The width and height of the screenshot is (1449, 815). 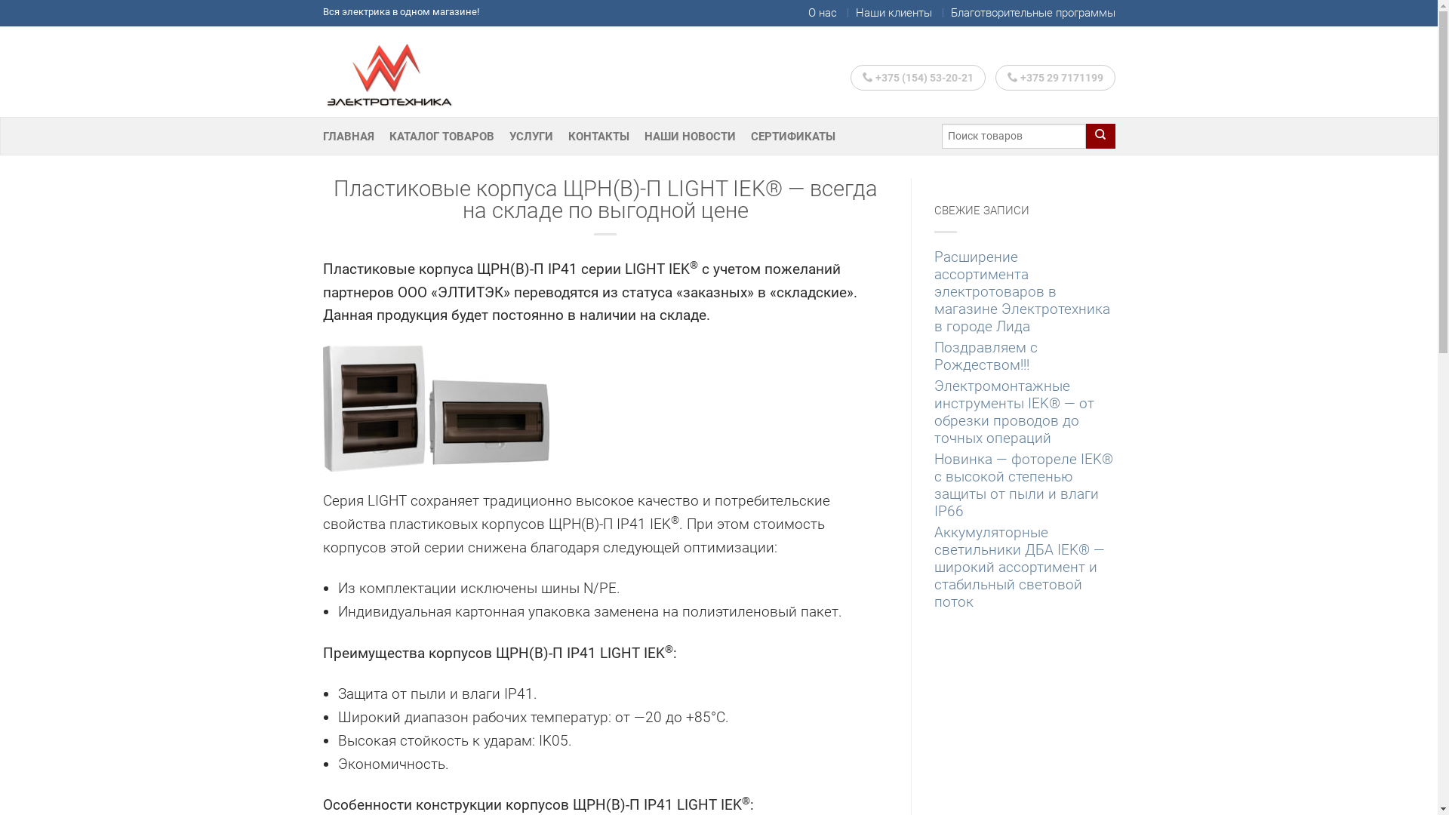 What do you see at coordinates (1054, 78) in the screenshot?
I see `'+375 29 7171199'` at bounding box center [1054, 78].